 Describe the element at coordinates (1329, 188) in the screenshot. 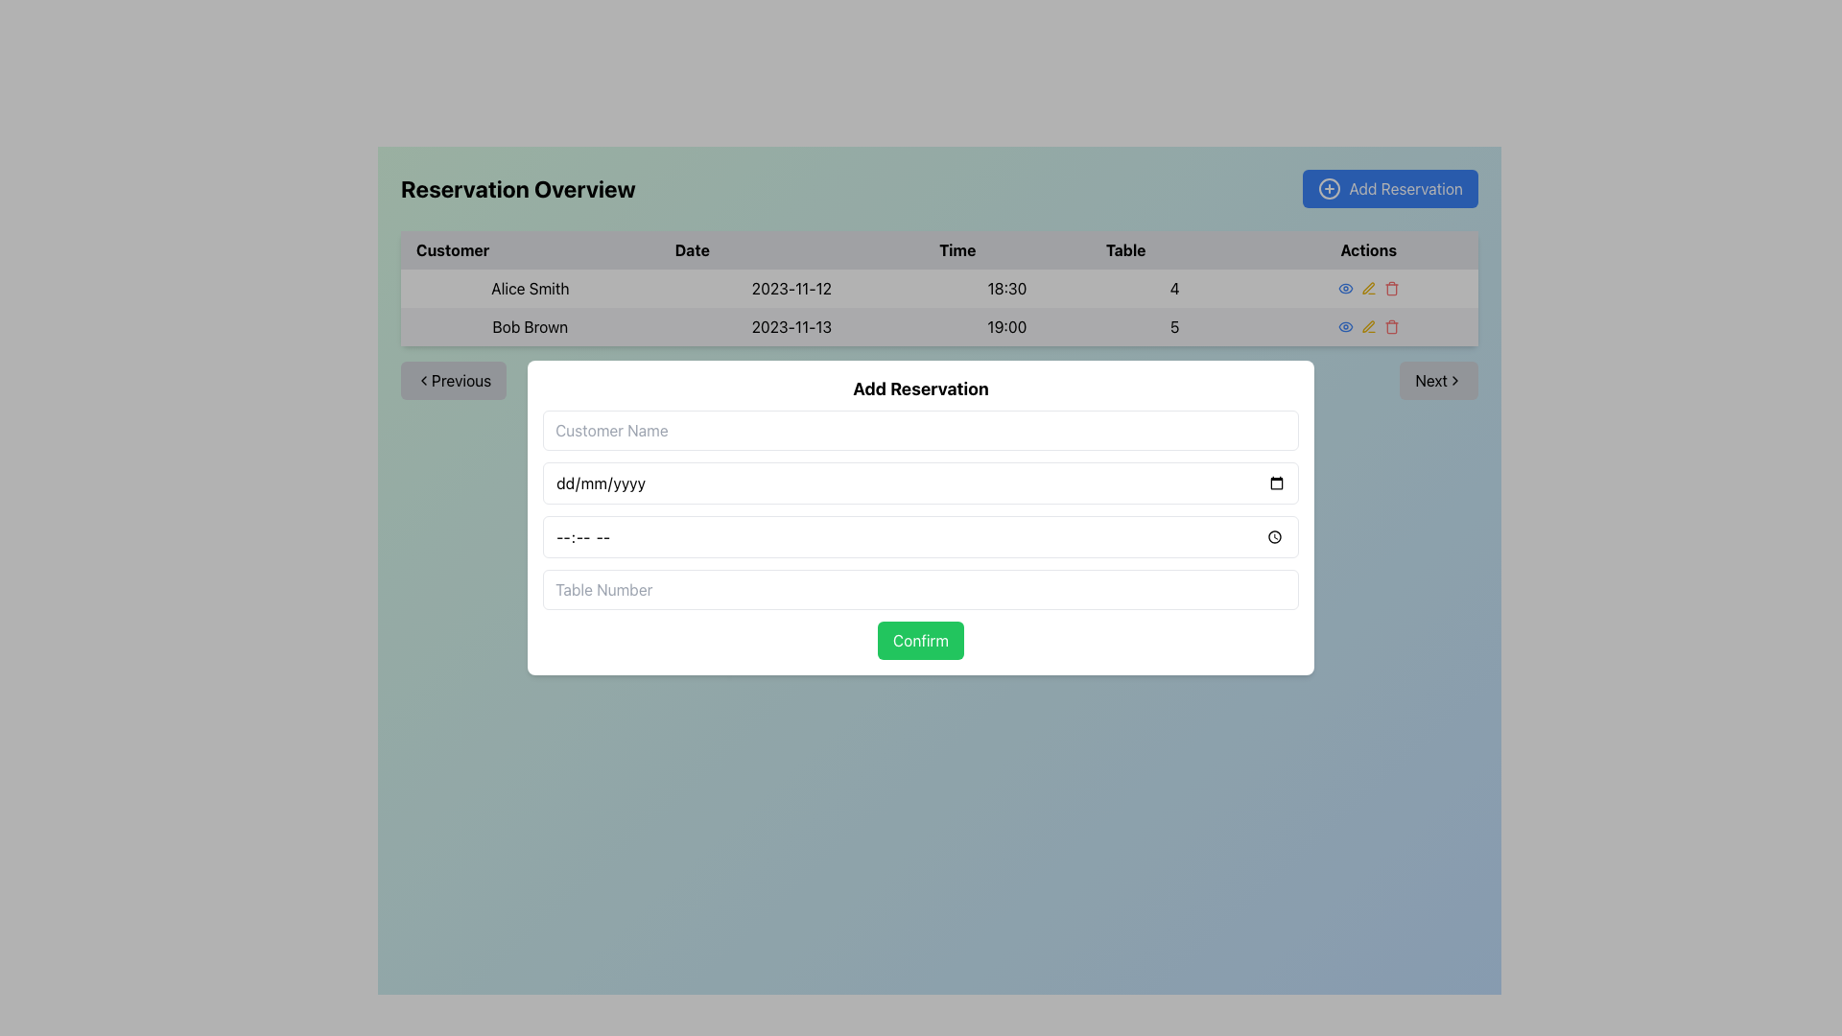

I see `the outermost circle of the 'Add Reservation' button icon located in the upper-right corner of the application's interface` at that location.